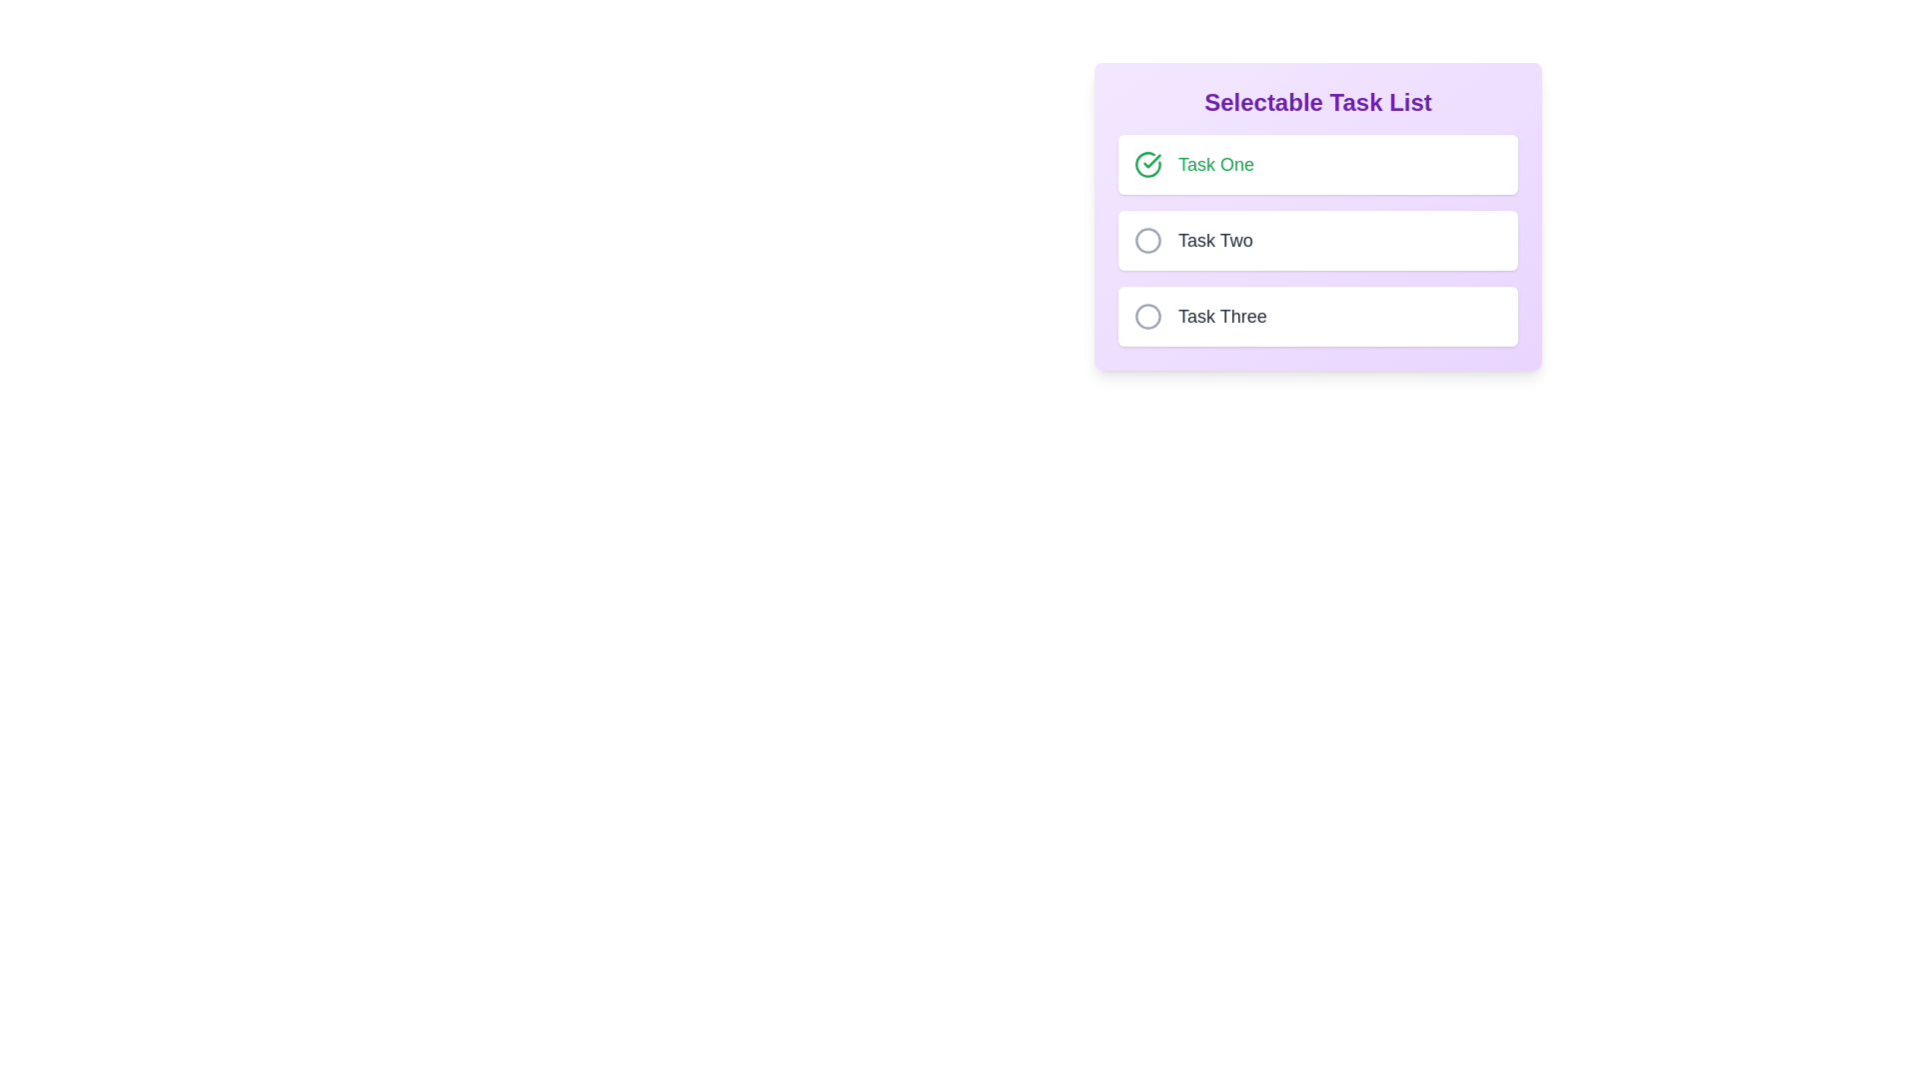  Describe the element at coordinates (1147, 239) in the screenshot. I see `the circular graphical element with a light gray outline that is part of the second task row in the selectable task list UI, next to the text 'Task Two'` at that location.